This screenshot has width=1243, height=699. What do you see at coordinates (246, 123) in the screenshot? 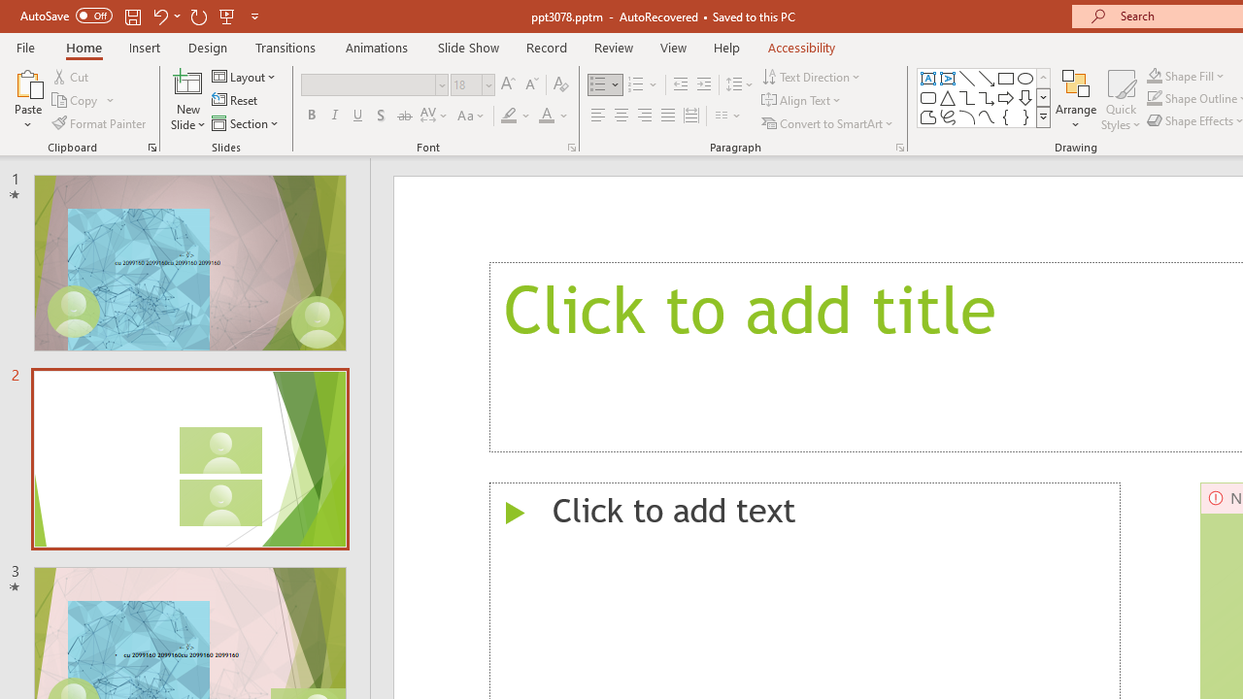
I see `'Section'` at bounding box center [246, 123].